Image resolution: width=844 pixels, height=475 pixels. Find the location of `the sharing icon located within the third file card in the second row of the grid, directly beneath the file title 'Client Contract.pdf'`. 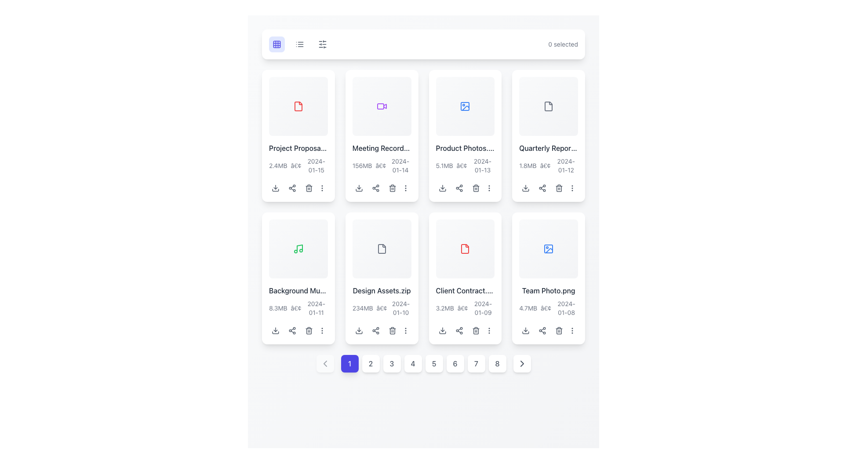

the sharing icon located within the third file card in the second row of the grid, directly beneath the file title 'Client Contract.pdf' is located at coordinates (458, 330).